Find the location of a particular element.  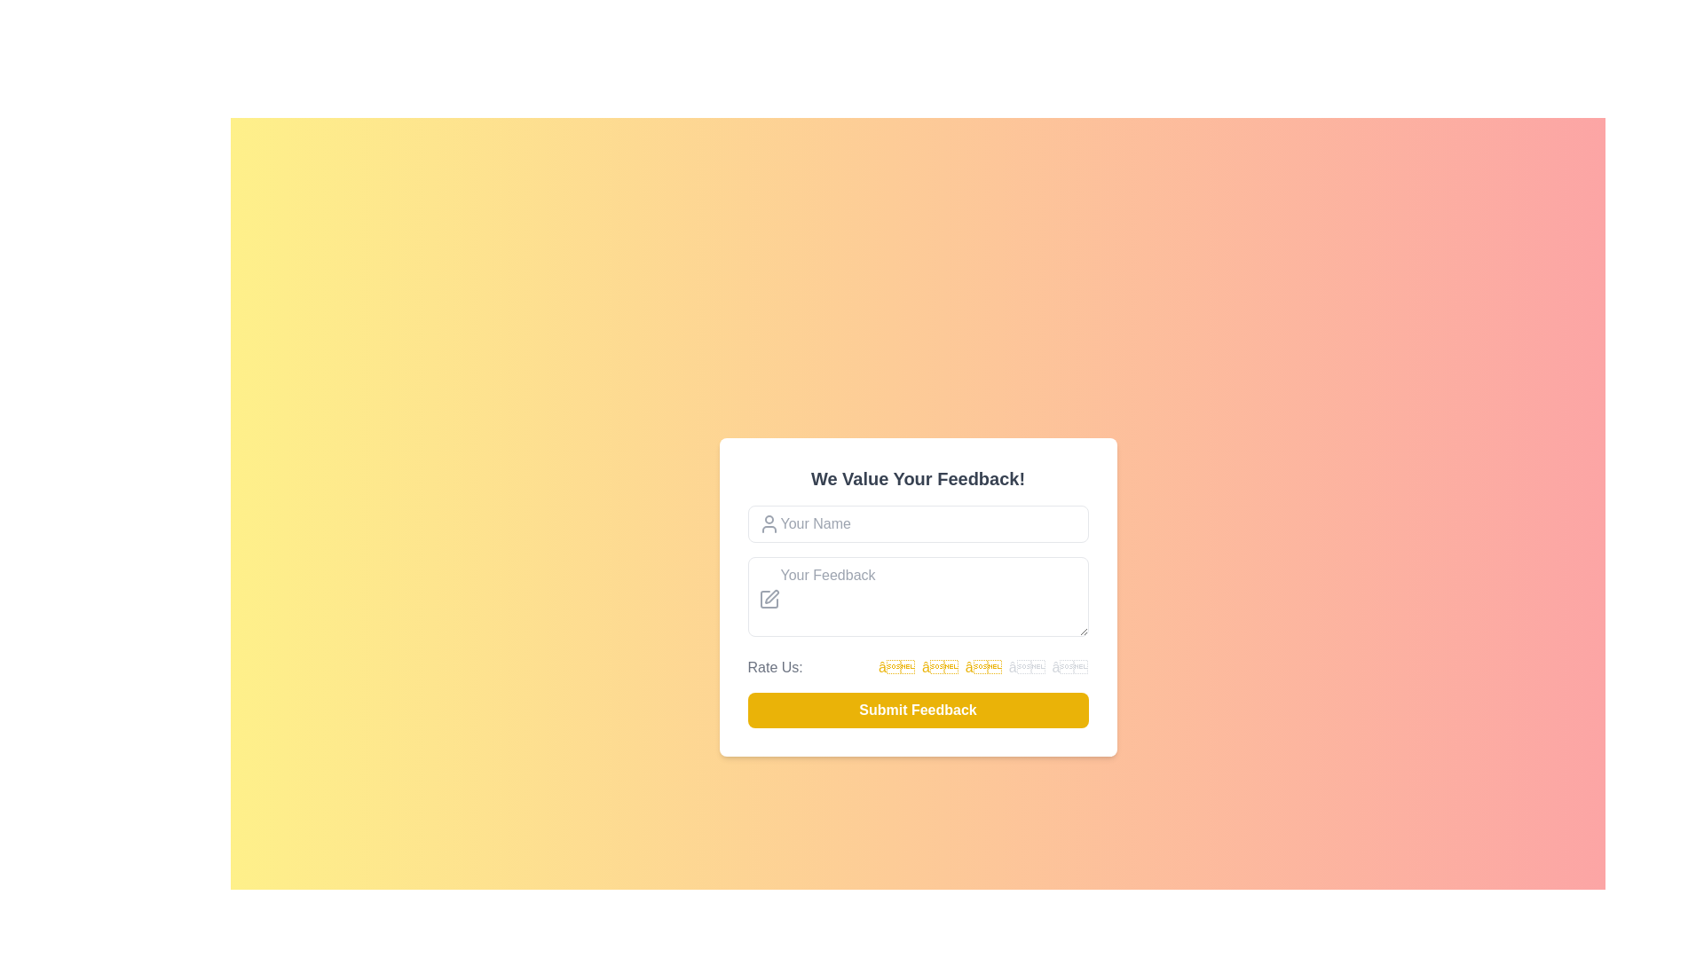

the first yellow star-shaped button used for ratings, located under the 'Rate Us:' label in the feedback form is located at coordinates (895, 667).